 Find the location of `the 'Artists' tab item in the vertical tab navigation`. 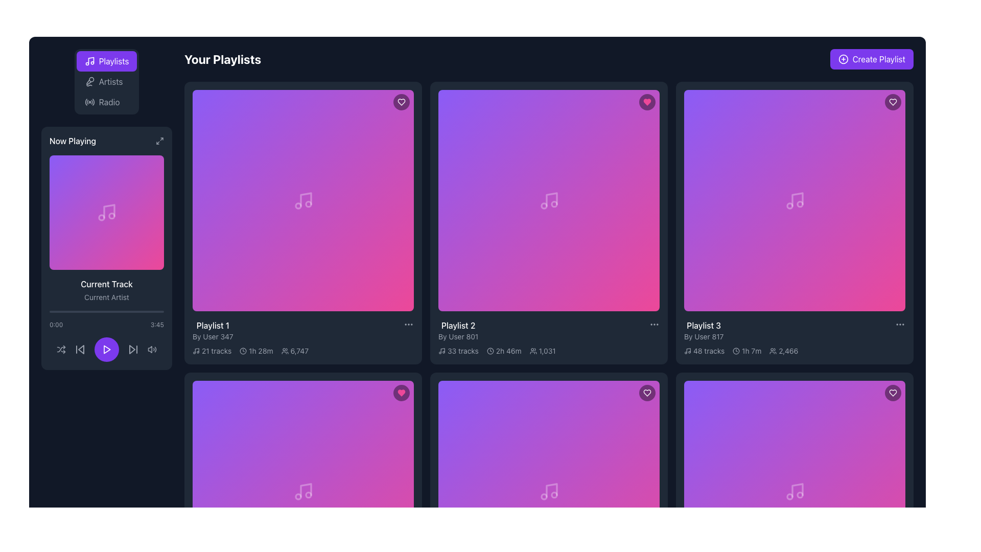

the 'Artists' tab item in the vertical tab navigation is located at coordinates (107, 81).